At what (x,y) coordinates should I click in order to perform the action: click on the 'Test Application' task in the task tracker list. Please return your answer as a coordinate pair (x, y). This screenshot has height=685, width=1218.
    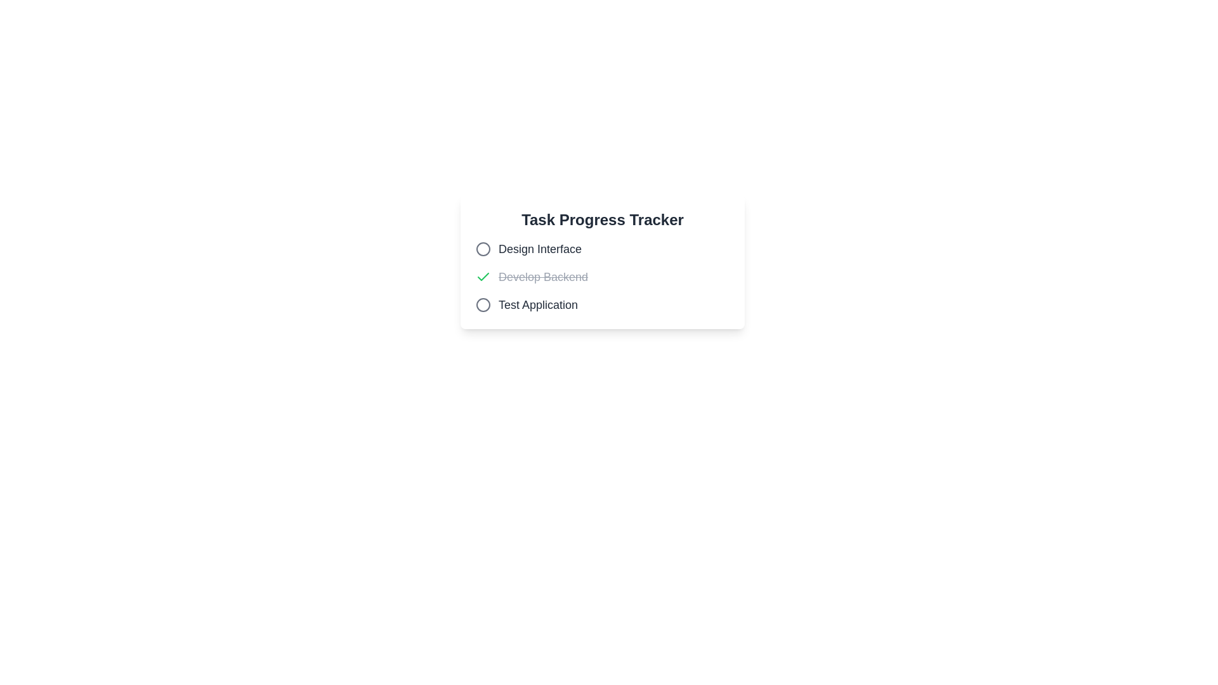
    Looking at the image, I should click on (602, 305).